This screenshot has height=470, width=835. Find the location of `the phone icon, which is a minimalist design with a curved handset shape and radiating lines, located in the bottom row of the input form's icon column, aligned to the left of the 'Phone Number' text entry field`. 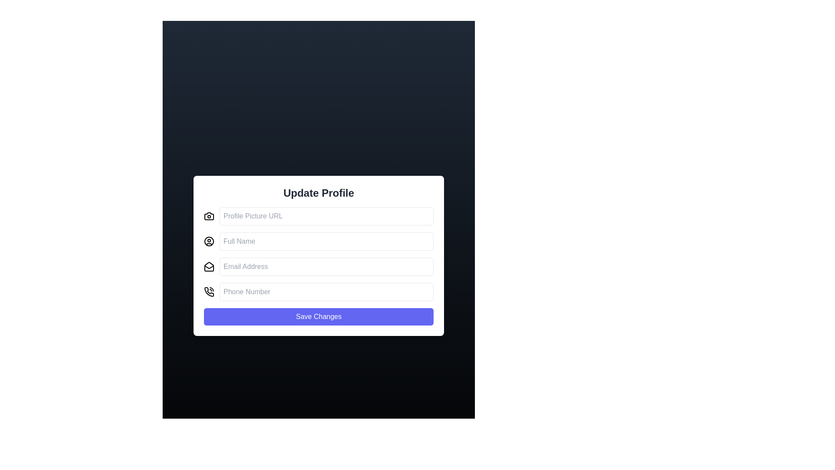

the phone icon, which is a minimalist design with a curved handset shape and radiating lines, located in the bottom row of the input form's icon column, aligned to the left of the 'Phone Number' text entry field is located at coordinates (209, 292).